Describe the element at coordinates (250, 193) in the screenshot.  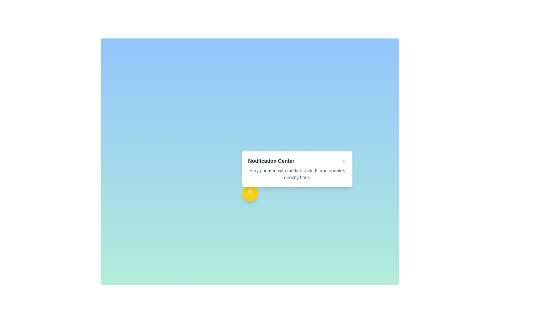
I see `the bell icon, which serves as a visual indicator for notifications` at that location.